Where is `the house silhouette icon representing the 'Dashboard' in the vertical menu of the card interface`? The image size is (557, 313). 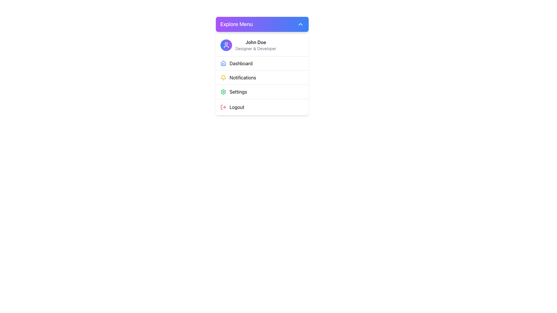 the house silhouette icon representing the 'Dashboard' in the vertical menu of the card interface is located at coordinates (223, 63).